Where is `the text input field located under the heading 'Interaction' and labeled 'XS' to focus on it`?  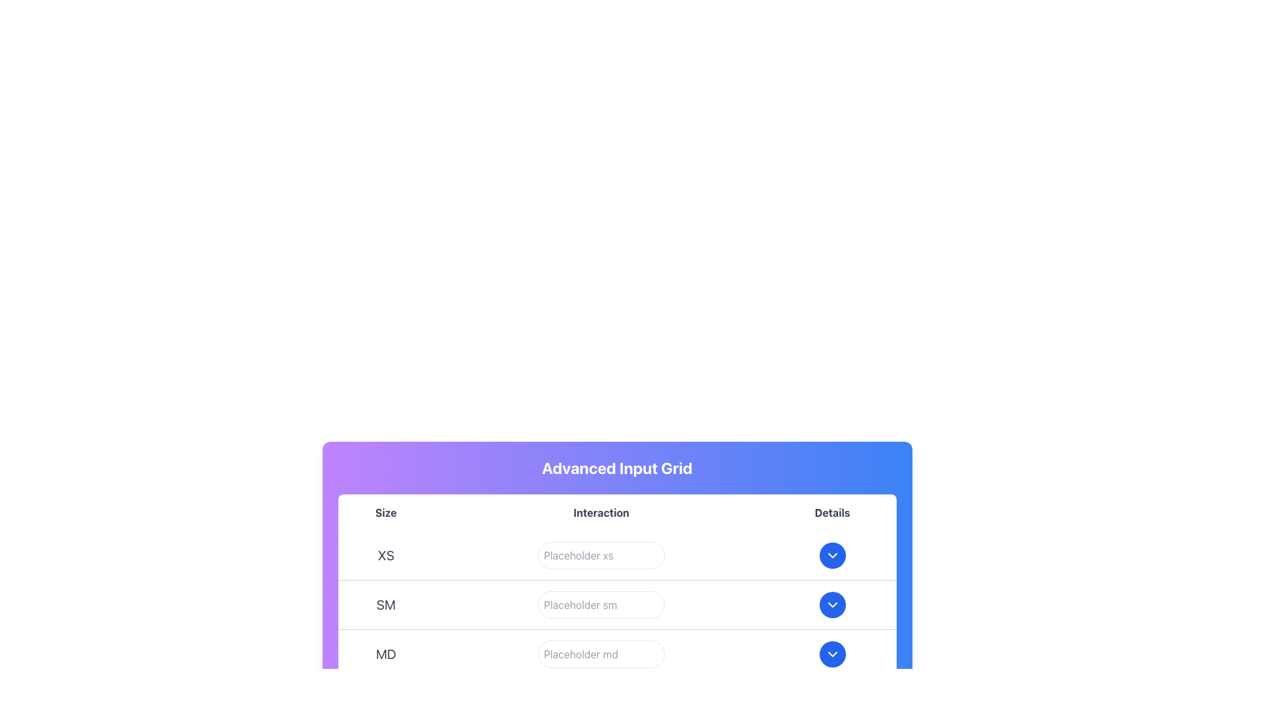
the text input field located under the heading 'Interaction' and labeled 'XS' to focus on it is located at coordinates (600, 556).